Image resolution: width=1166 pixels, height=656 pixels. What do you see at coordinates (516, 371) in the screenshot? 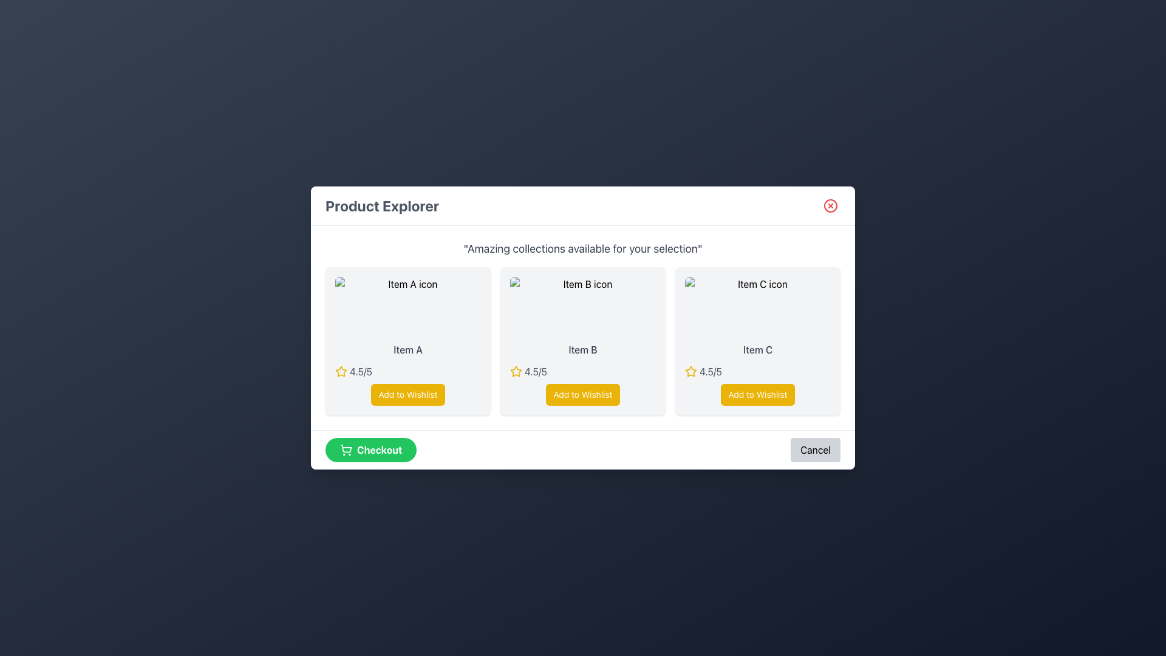
I see `the star icon with a yellow border and transparent center located in the center card of the 'Product Explorer' dialog box, representing 'Item B'` at bounding box center [516, 371].